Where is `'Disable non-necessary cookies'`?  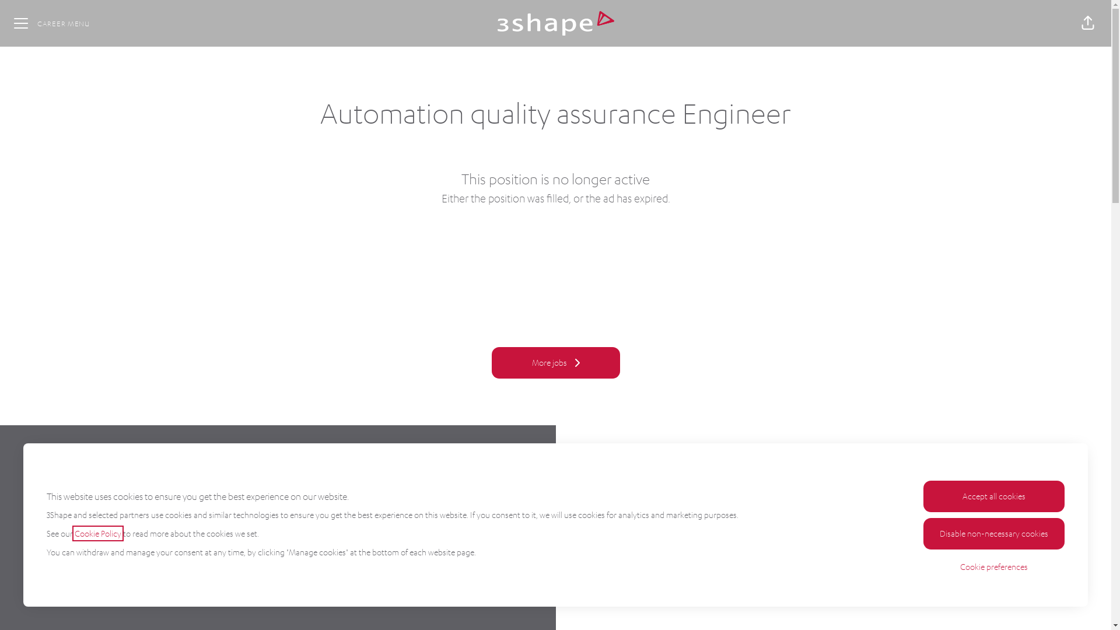
'Disable non-necessary cookies' is located at coordinates (923, 533).